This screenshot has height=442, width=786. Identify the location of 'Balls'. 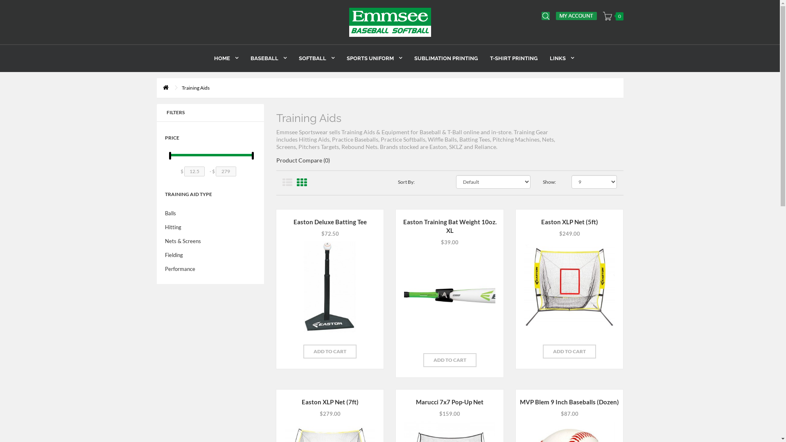
(210, 212).